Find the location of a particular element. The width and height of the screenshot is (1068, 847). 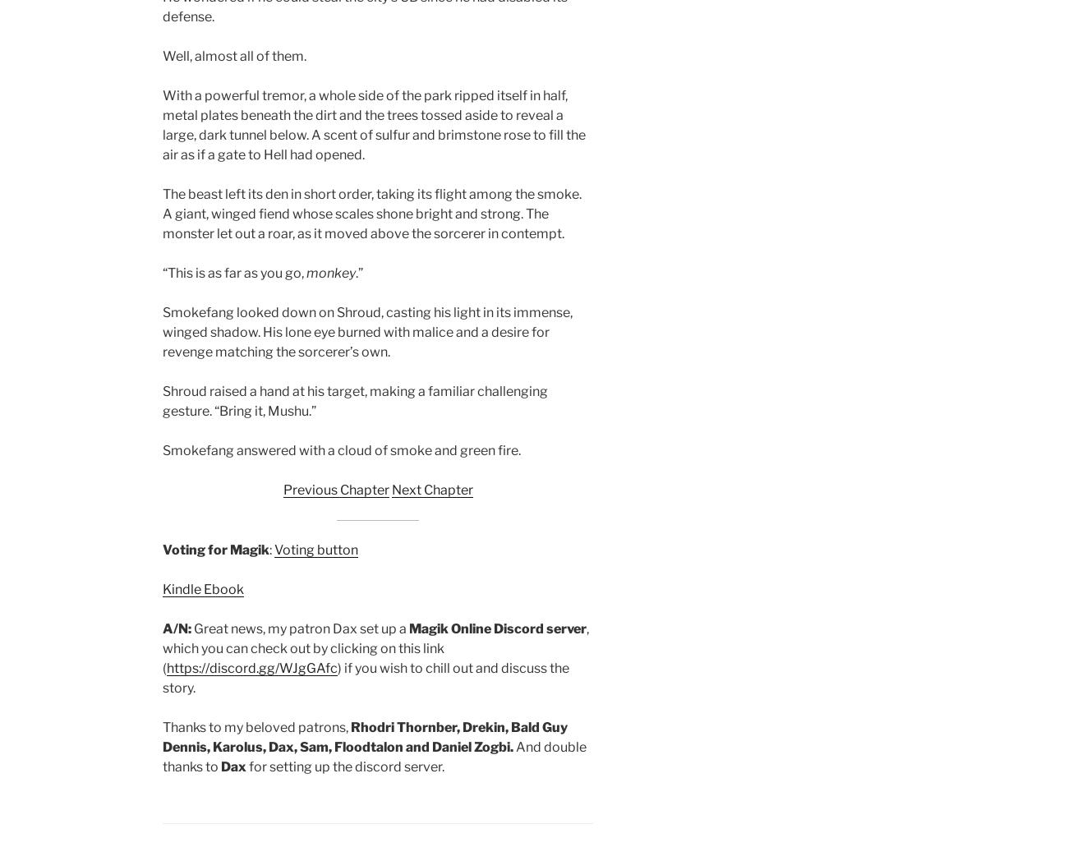

'Voting for Magik' is located at coordinates (214, 550).